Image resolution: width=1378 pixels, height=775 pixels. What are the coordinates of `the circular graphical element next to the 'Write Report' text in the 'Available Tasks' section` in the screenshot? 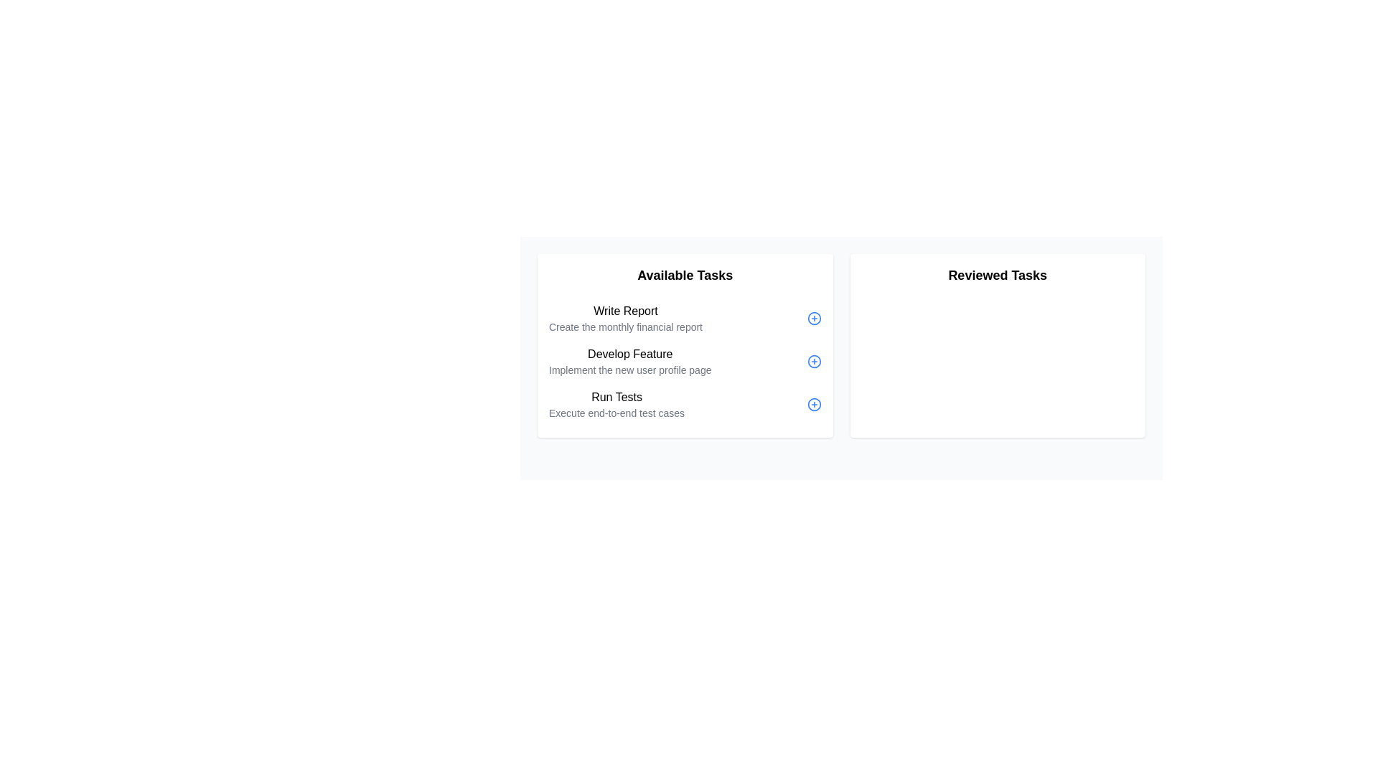 It's located at (814, 317).